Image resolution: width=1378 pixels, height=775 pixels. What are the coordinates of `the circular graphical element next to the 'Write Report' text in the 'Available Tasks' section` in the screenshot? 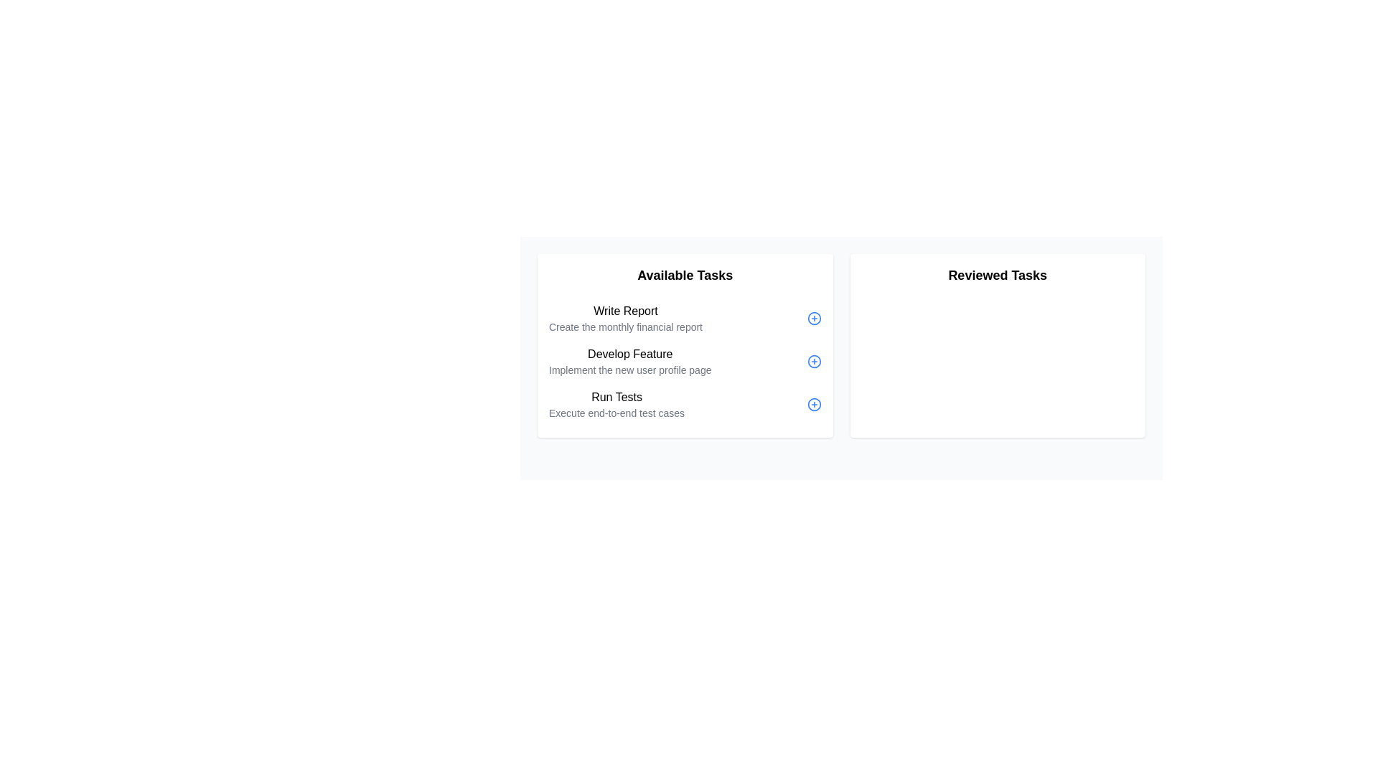 It's located at (814, 317).